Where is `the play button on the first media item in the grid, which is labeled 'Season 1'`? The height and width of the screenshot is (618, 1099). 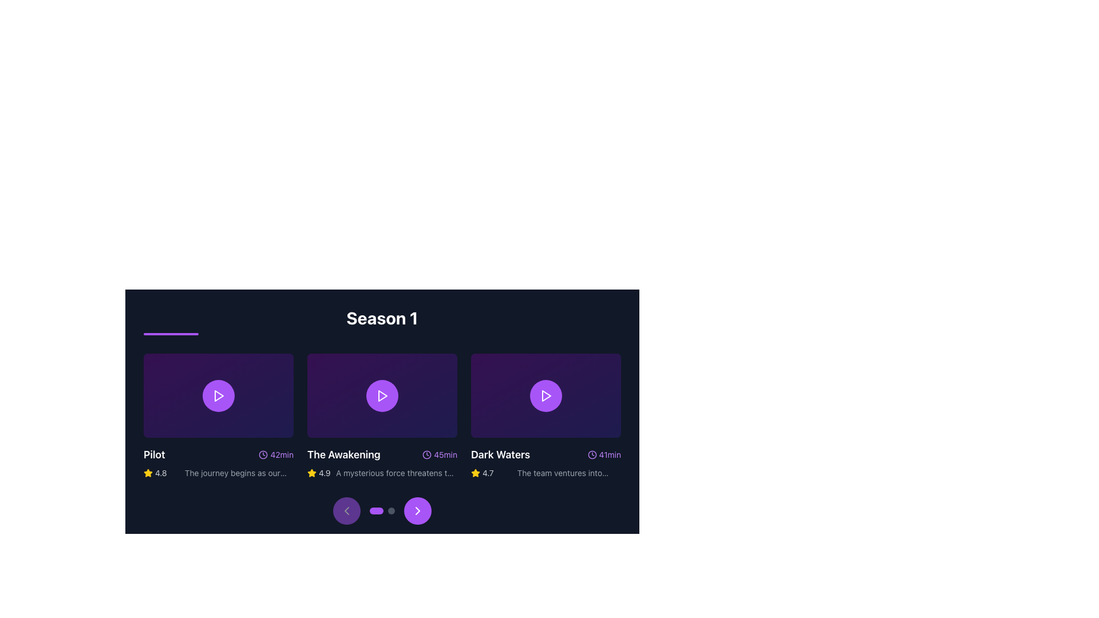 the play button on the first media item in the grid, which is labeled 'Season 1' is located at coordinates (219, 415).